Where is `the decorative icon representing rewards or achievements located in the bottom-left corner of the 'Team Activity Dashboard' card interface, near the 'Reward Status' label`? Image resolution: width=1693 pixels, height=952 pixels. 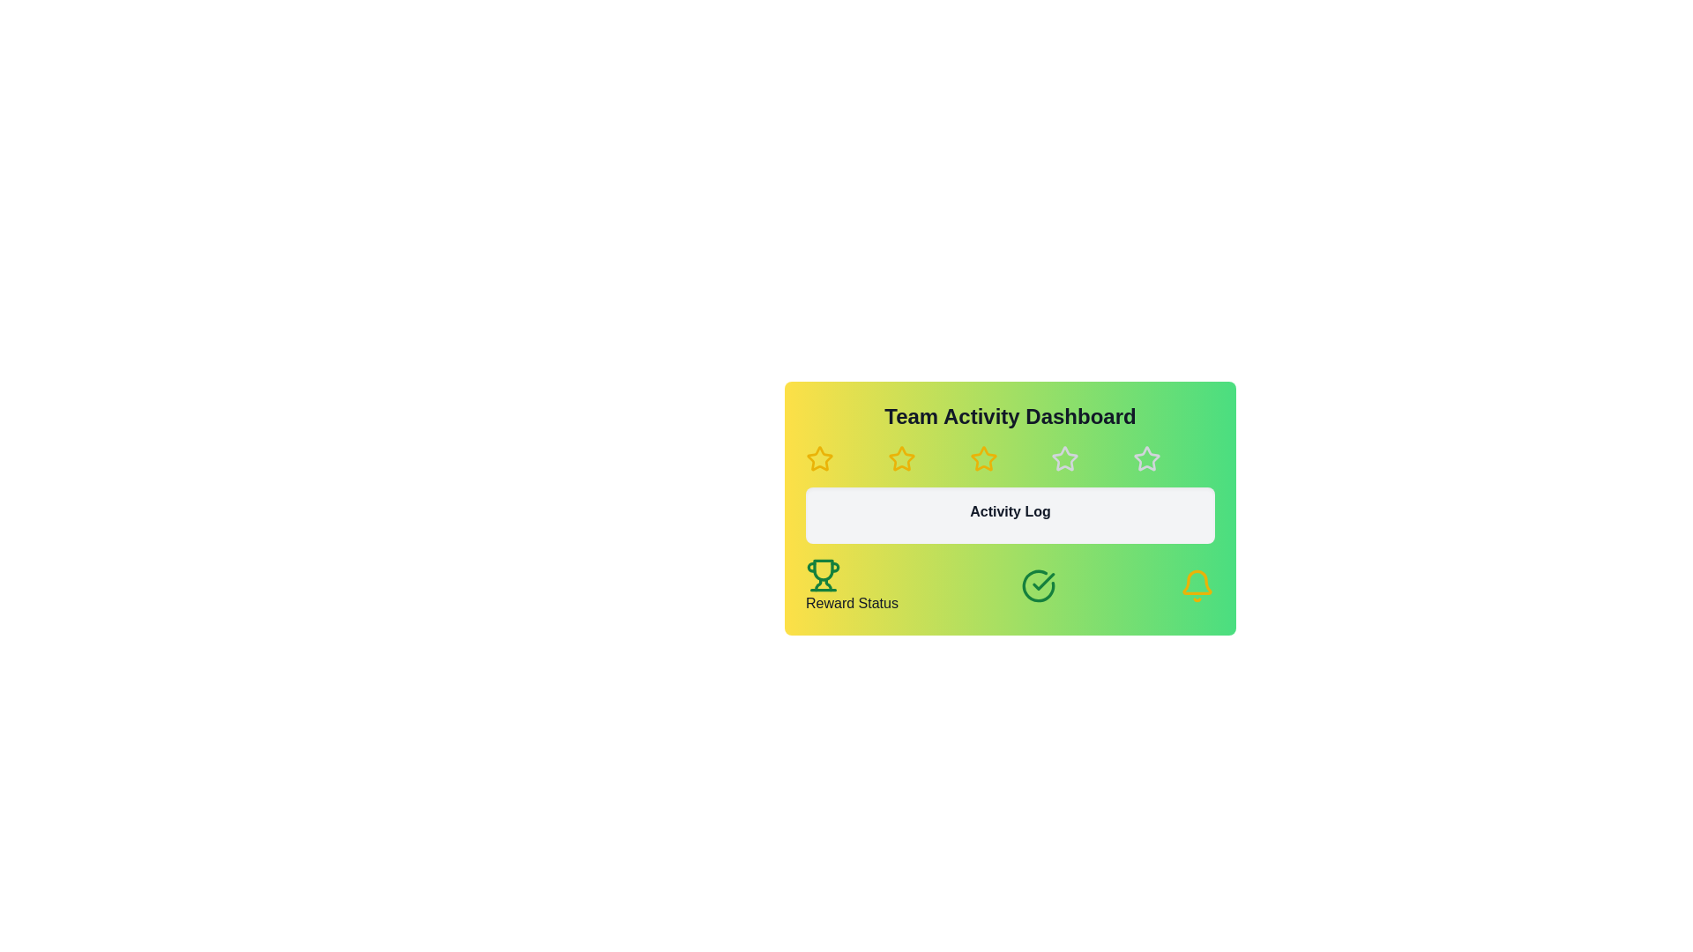
the decorative icon representing rewards or achievements located in the bottom-left corner of the 'Team Activity Dashboard' card interface, near the 'Reward Status' label is located at coordinates (823, 570).